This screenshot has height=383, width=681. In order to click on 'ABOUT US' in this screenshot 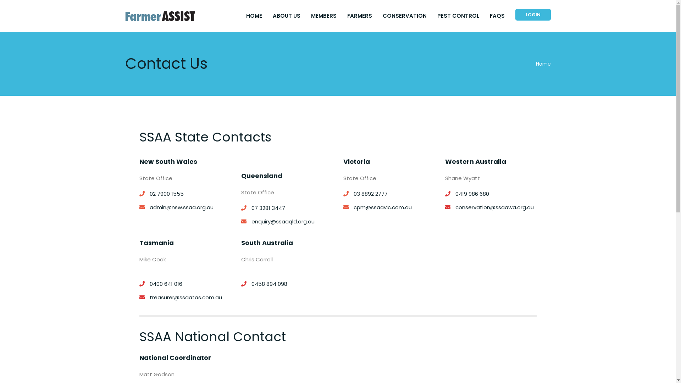, I will do `click(272, 16)`.